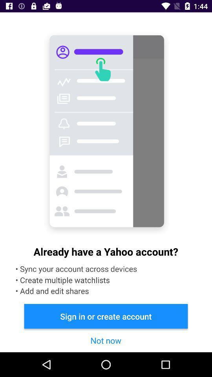  Describe the element at coordinates (106, 340) in the screenshot. I see `item below the sign in or item` at that location.